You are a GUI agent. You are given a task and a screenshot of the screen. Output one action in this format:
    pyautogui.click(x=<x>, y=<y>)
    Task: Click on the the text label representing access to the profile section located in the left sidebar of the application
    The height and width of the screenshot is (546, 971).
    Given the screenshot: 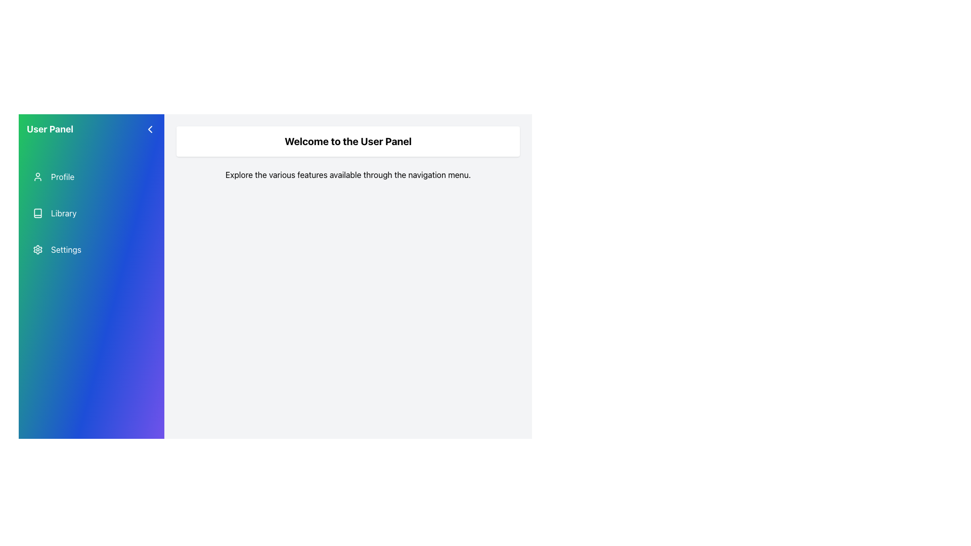 What is the action you would take?
    pyautogui.click(x=62, y=176)
    